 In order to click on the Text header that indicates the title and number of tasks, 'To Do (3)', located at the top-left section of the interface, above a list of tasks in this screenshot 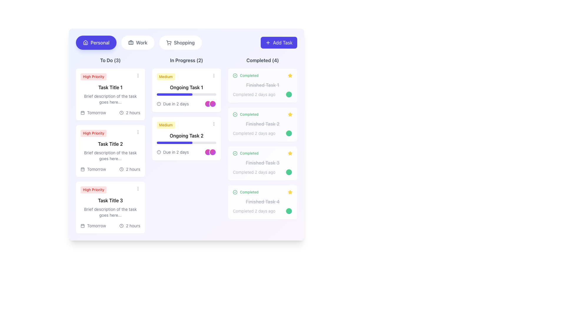, I will do `click(110, 60)`.